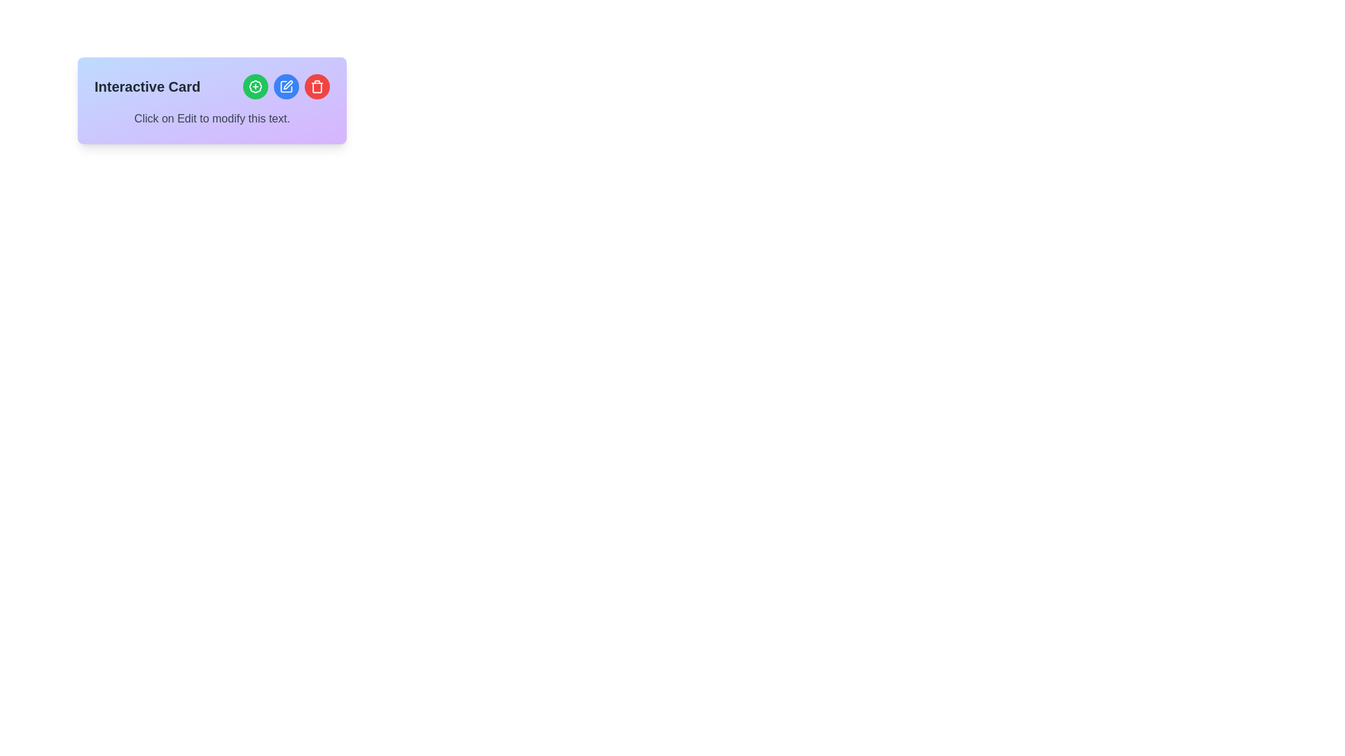 The width and height of the screenshot is (1345, 756). I want to click on the 'Interactive Card' label, which is styled in bold and positioned at the top-left of the card layout, so click(147, 86).